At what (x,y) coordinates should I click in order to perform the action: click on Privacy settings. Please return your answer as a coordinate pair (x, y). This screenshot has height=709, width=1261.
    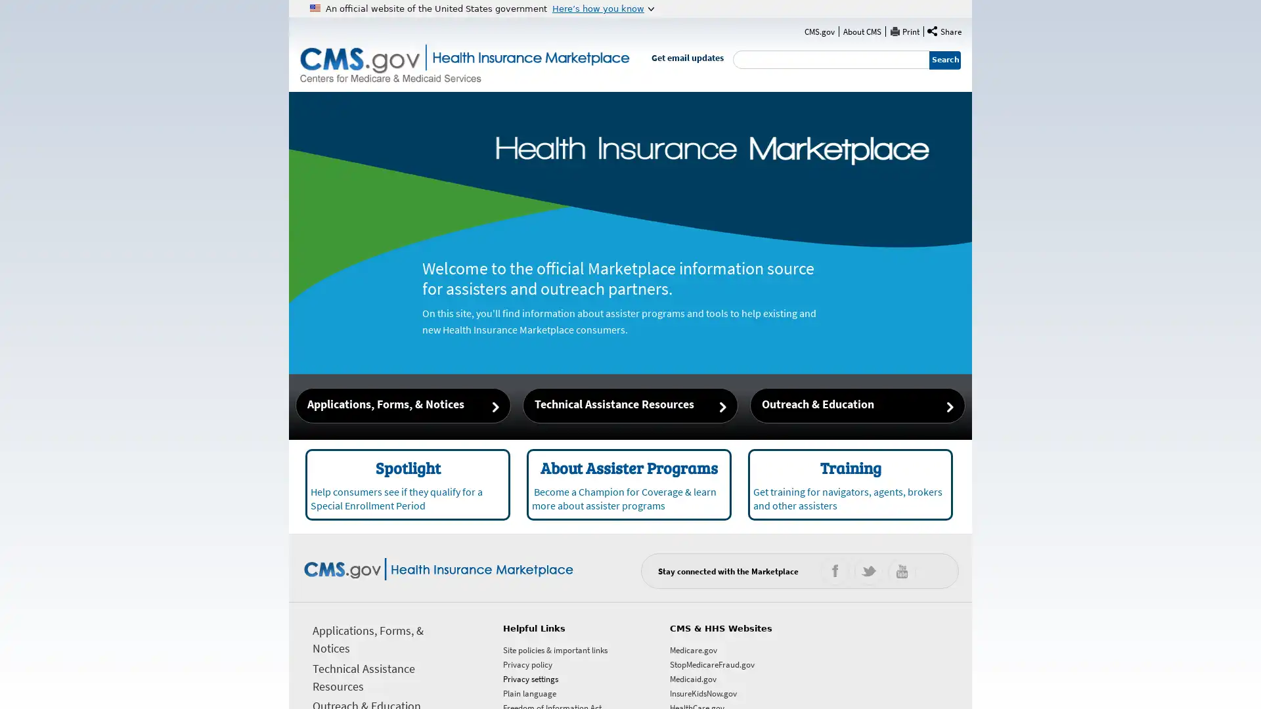
    Looking at the image, I should click on (530, 678).